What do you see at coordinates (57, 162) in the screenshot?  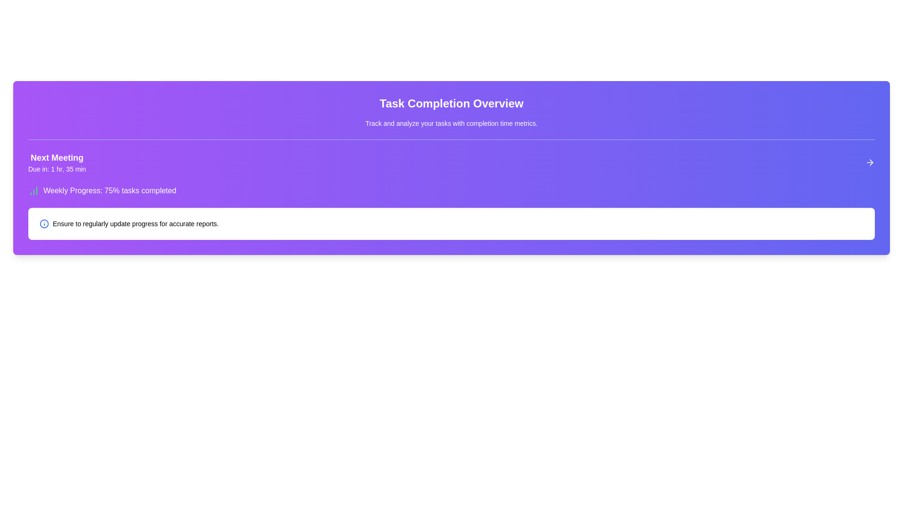 I see `the 'Next Meeting' text label, which displays 'Next Meeting' in bold and 'Due in: 1 hr, 35 min' in smaller font on a purple background` at bounding box center [57, 162].